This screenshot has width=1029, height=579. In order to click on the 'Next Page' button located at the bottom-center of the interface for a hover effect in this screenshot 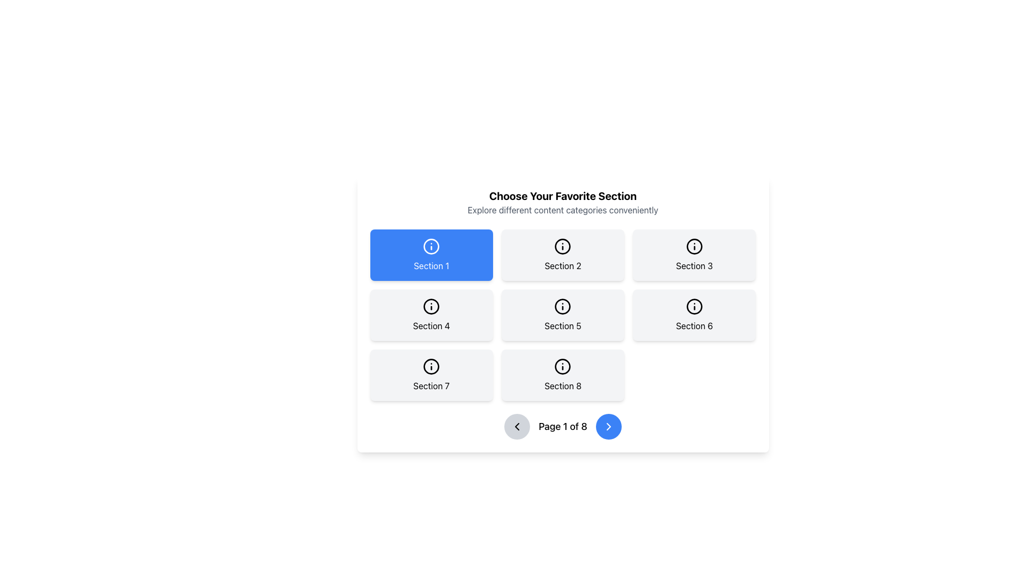, I will do `click(608, 426)`.